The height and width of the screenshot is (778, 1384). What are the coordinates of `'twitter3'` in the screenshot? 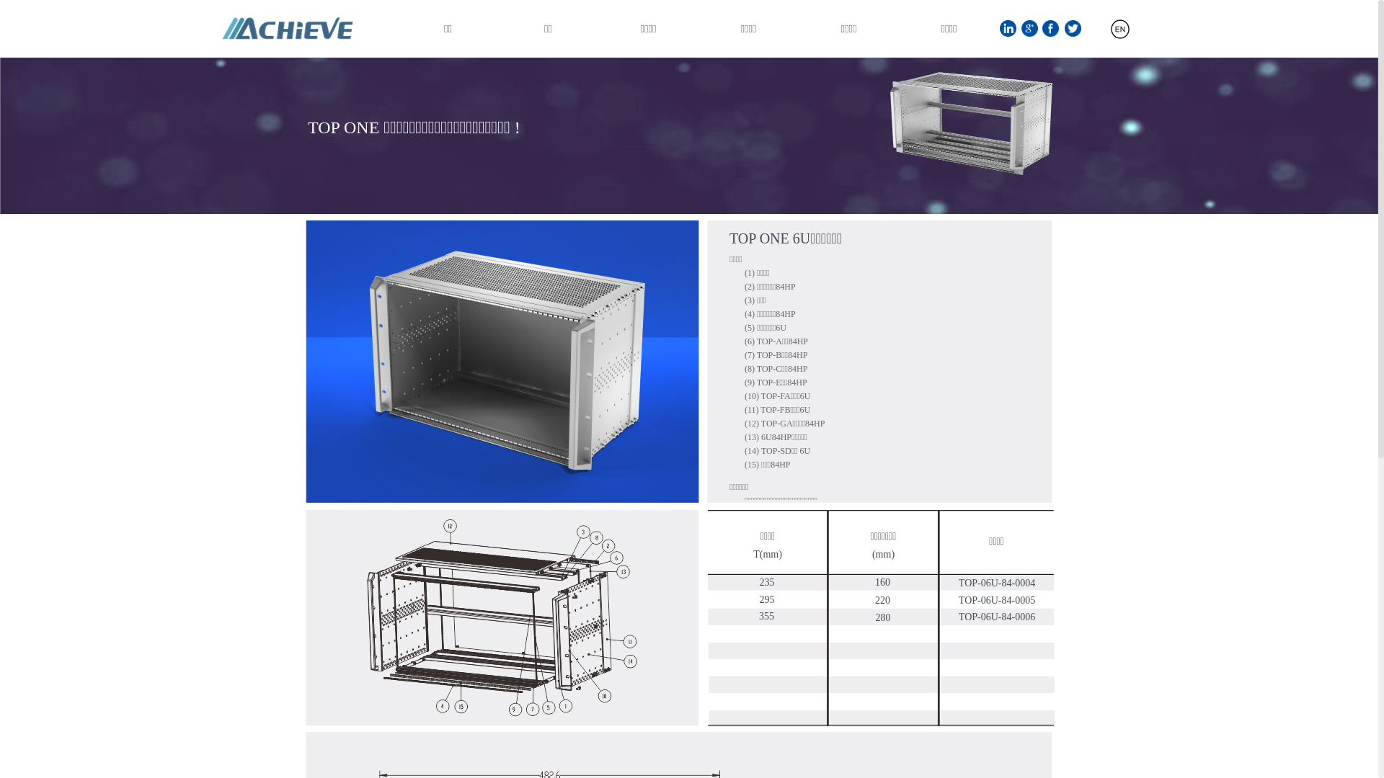 It's located at (1073, 28).